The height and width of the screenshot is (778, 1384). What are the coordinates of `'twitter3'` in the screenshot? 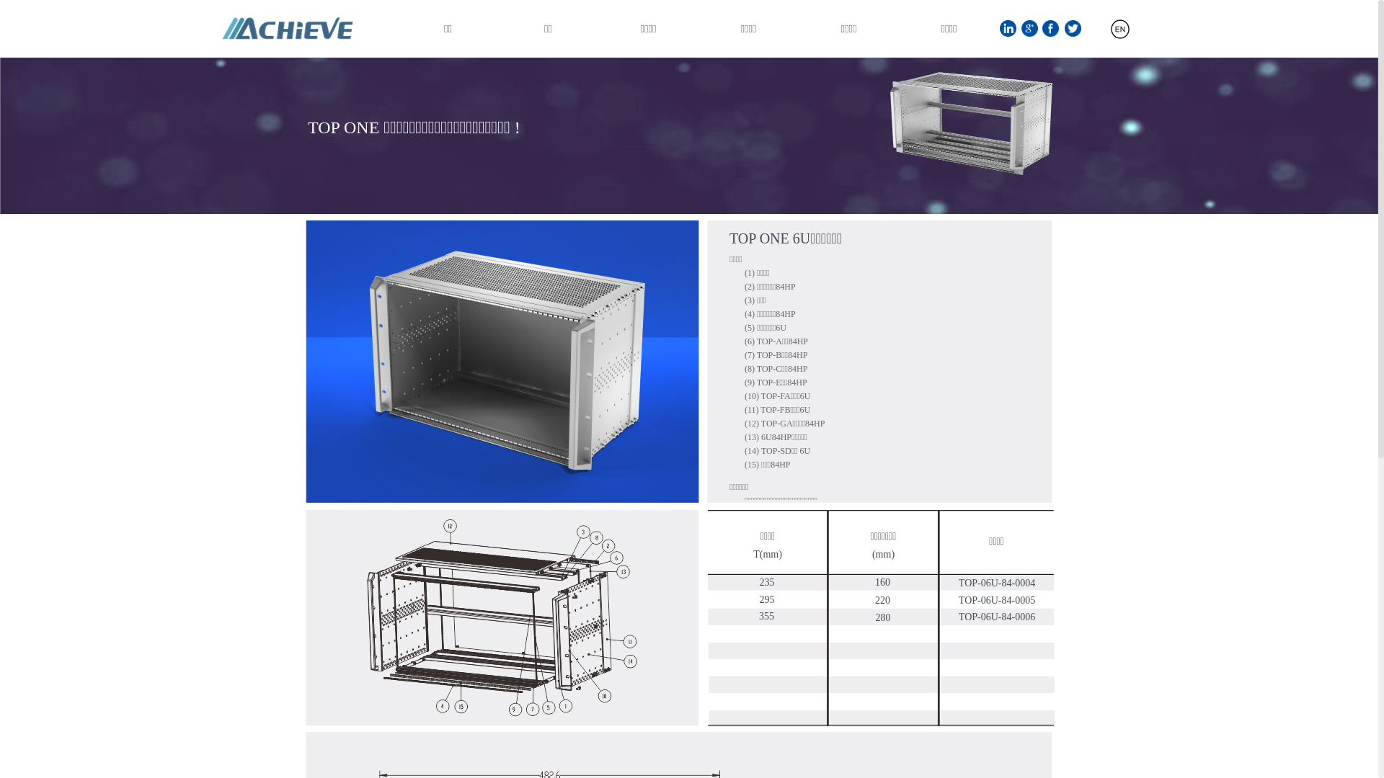 It's located at (1073, 28).